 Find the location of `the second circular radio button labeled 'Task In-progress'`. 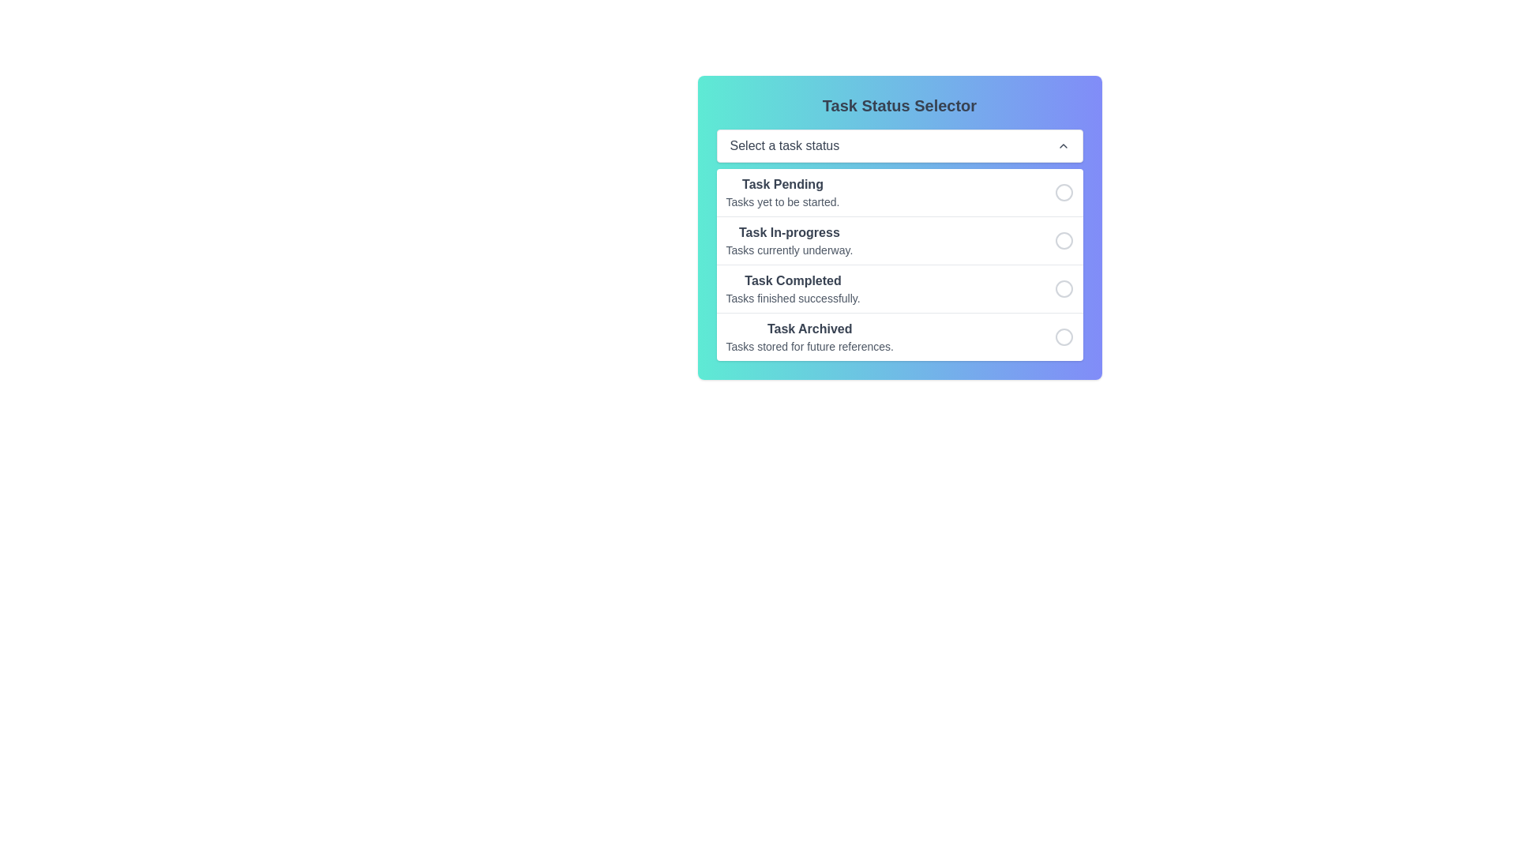

the second circular radio button labeled 'Task In-progress' is located at coordinates (1064, 240).